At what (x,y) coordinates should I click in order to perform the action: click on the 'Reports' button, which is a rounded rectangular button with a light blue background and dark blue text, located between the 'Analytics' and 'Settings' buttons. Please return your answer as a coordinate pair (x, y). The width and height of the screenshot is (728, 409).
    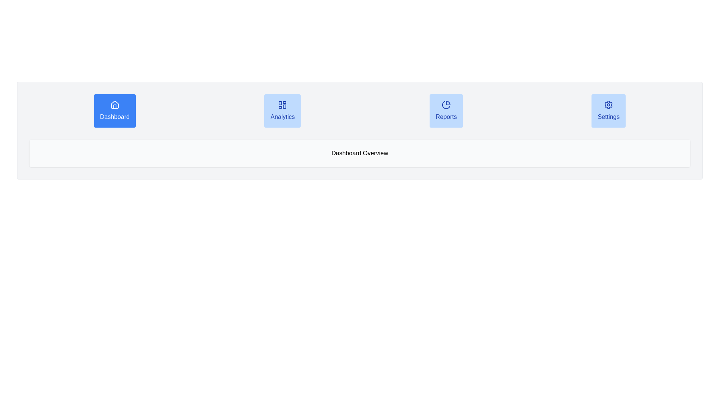
    Looking at the image, I should click on (446, 111).